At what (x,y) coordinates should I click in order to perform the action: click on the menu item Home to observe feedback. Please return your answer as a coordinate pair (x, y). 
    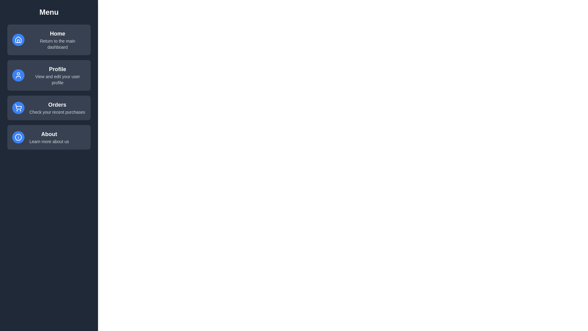
    Looking at the image, I should click on (48, 40).